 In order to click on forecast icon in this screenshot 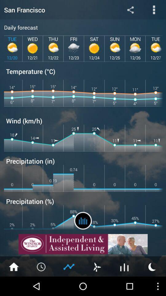, I will do `click(83, 220)`.